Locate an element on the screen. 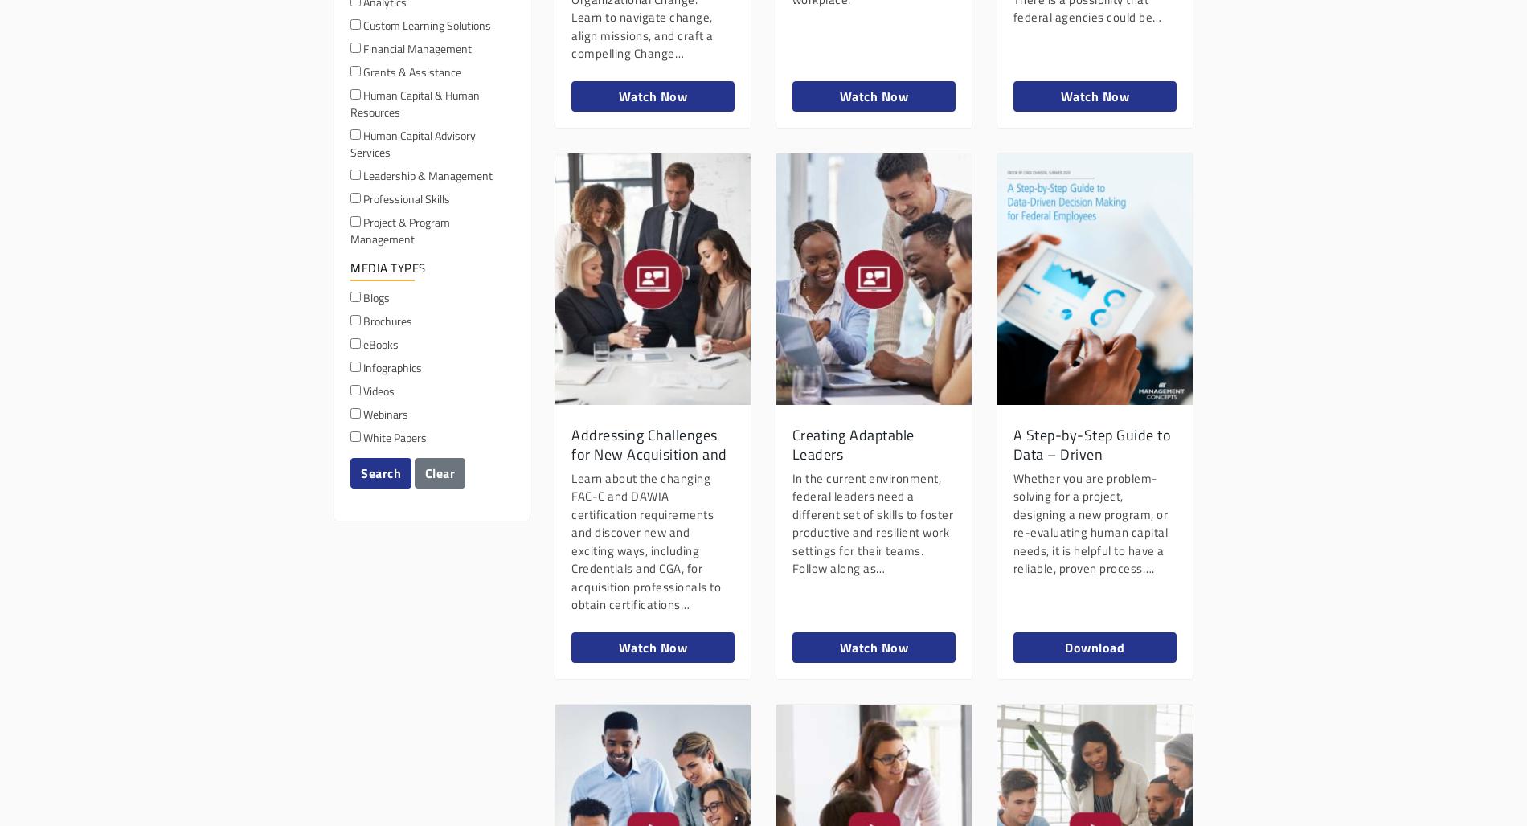 The image size is (1527, 826). 'Creating Adaptable Leaders' is located at coordinates (852, 444).